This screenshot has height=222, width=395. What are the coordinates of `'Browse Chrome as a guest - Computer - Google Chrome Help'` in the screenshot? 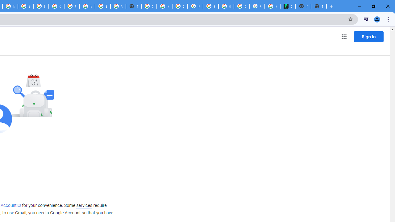 It's located at (87, 6).